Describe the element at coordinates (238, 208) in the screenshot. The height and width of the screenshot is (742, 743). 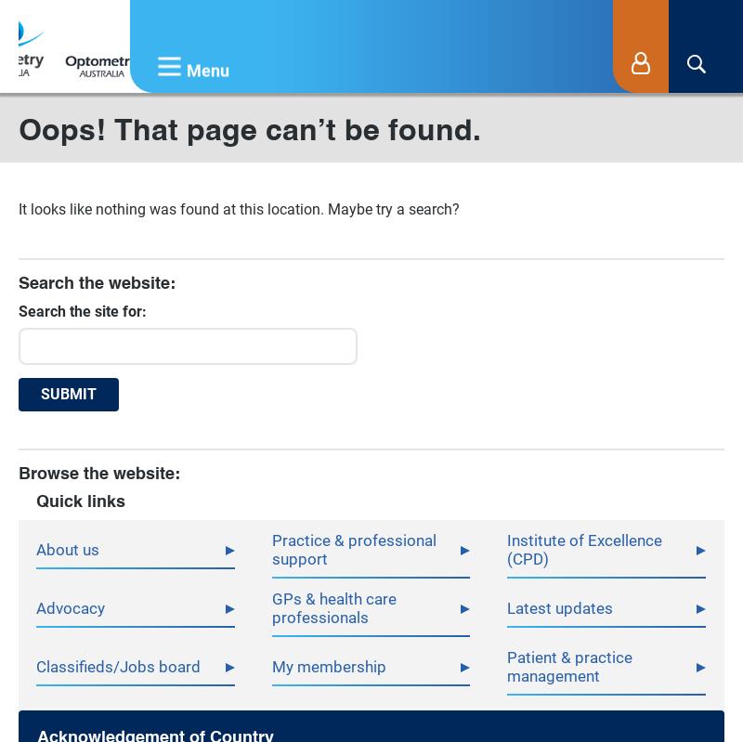
I see `'It looks like nothing was found at this location. Maybe try a search?'` at that location.